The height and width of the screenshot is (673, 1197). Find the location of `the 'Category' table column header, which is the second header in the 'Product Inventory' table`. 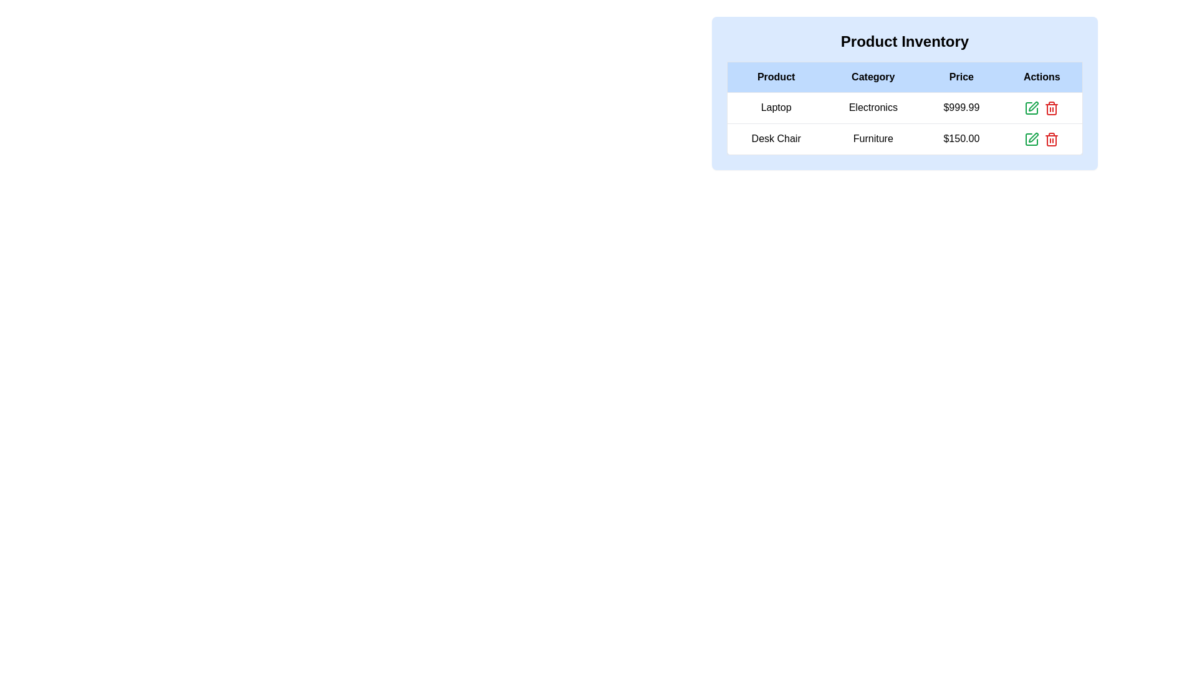

the 'Category' table column header, which is the second header in the 'Product Inventory' table is located at coordinates (872, 77).